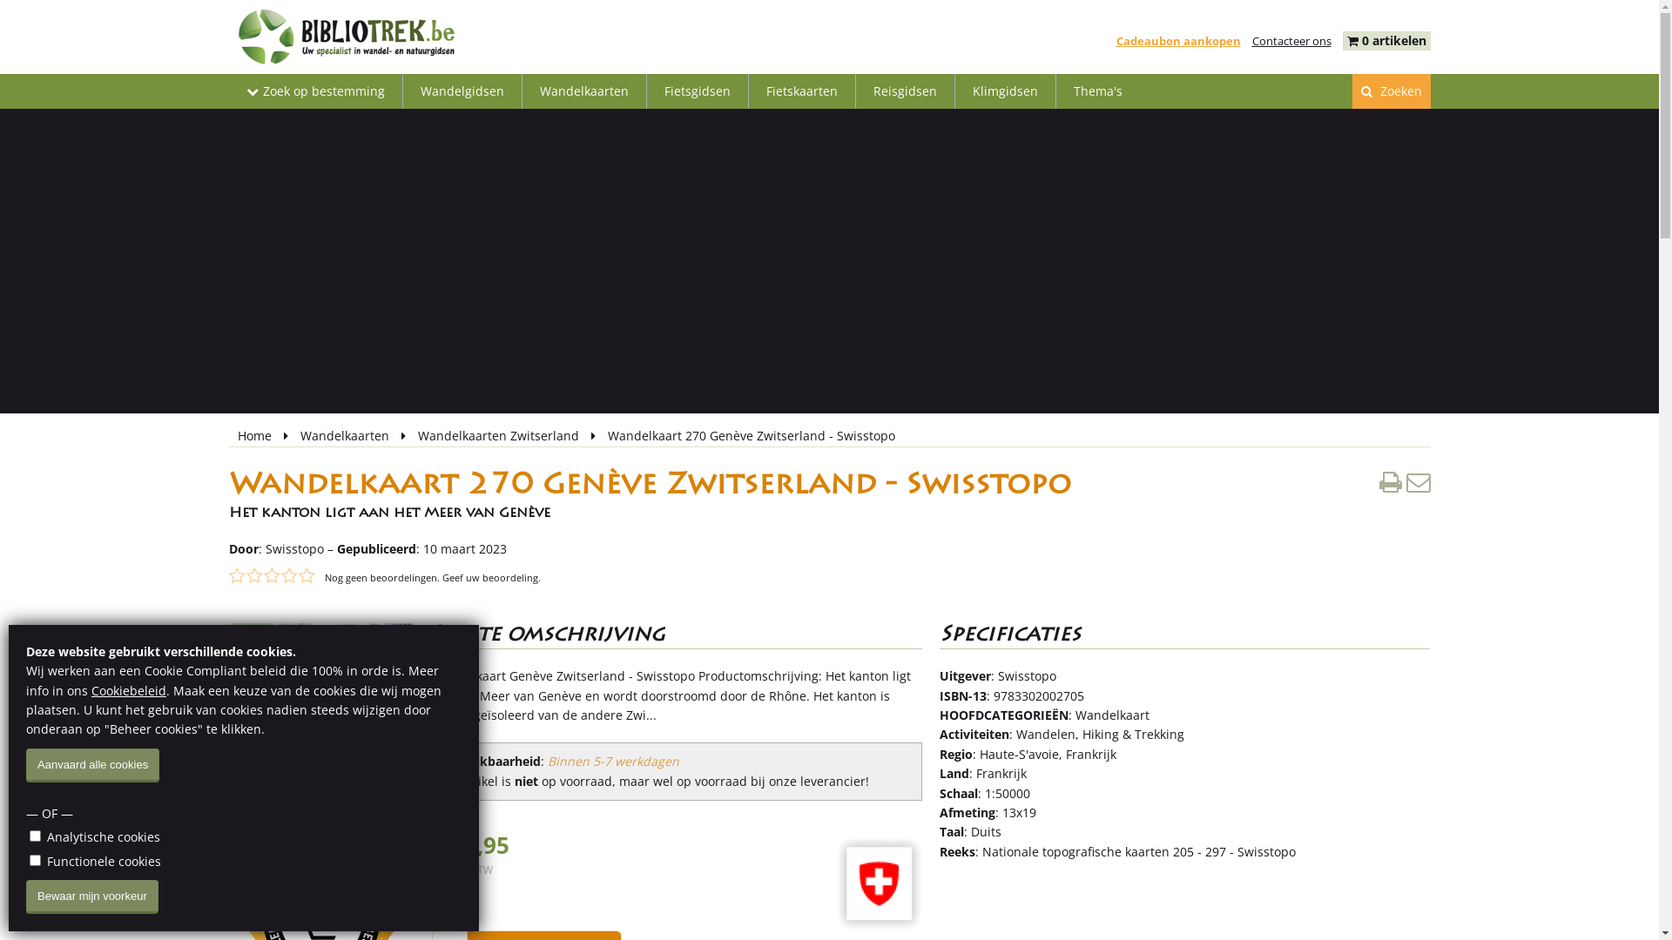 This screenshot has width=1672, height=940. I want to click on 'Zoek op bestemming', so click(314, 91).